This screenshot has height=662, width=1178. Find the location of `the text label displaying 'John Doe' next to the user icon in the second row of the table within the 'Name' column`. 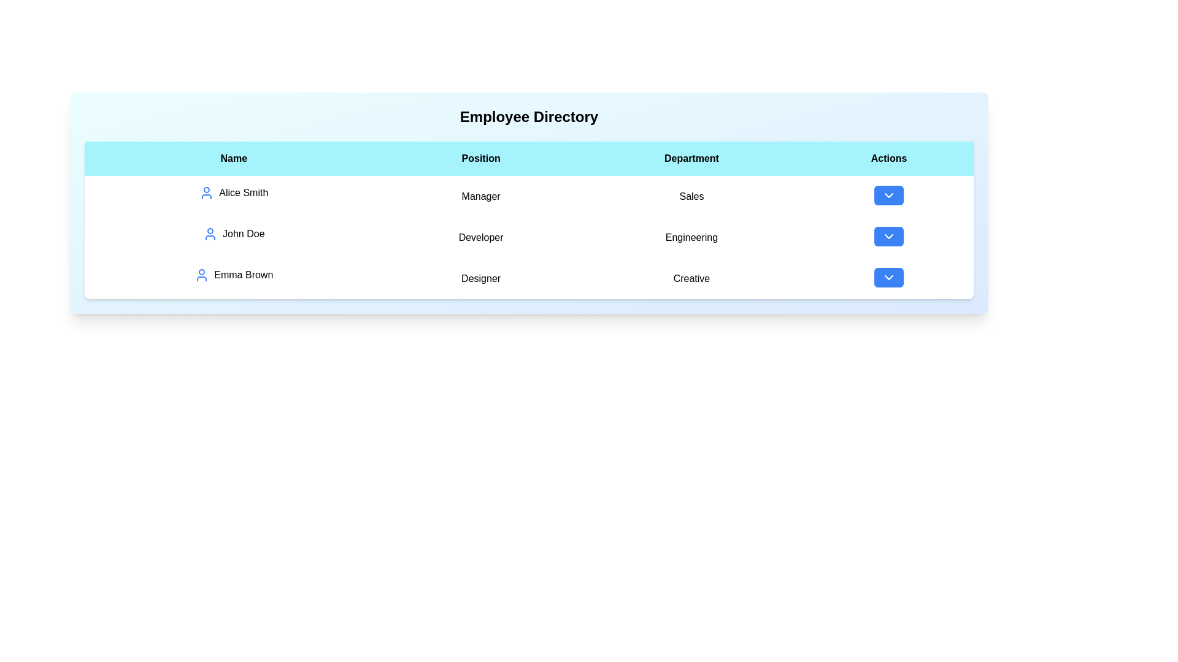

the text label displaying 'John Doe' next to the user icon in the second row of the table within the 'Name' column is located at coordinates (234, 234).